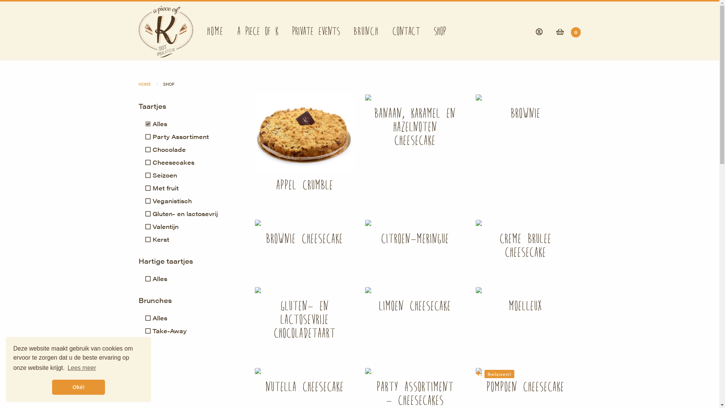 Image resolution: width=725 pixels, height=408 pixels. What do you see at coordinates (304, 385) in the screenshot?
I see `'Nutella Cheesecake'` at bounding box center [304, 385].